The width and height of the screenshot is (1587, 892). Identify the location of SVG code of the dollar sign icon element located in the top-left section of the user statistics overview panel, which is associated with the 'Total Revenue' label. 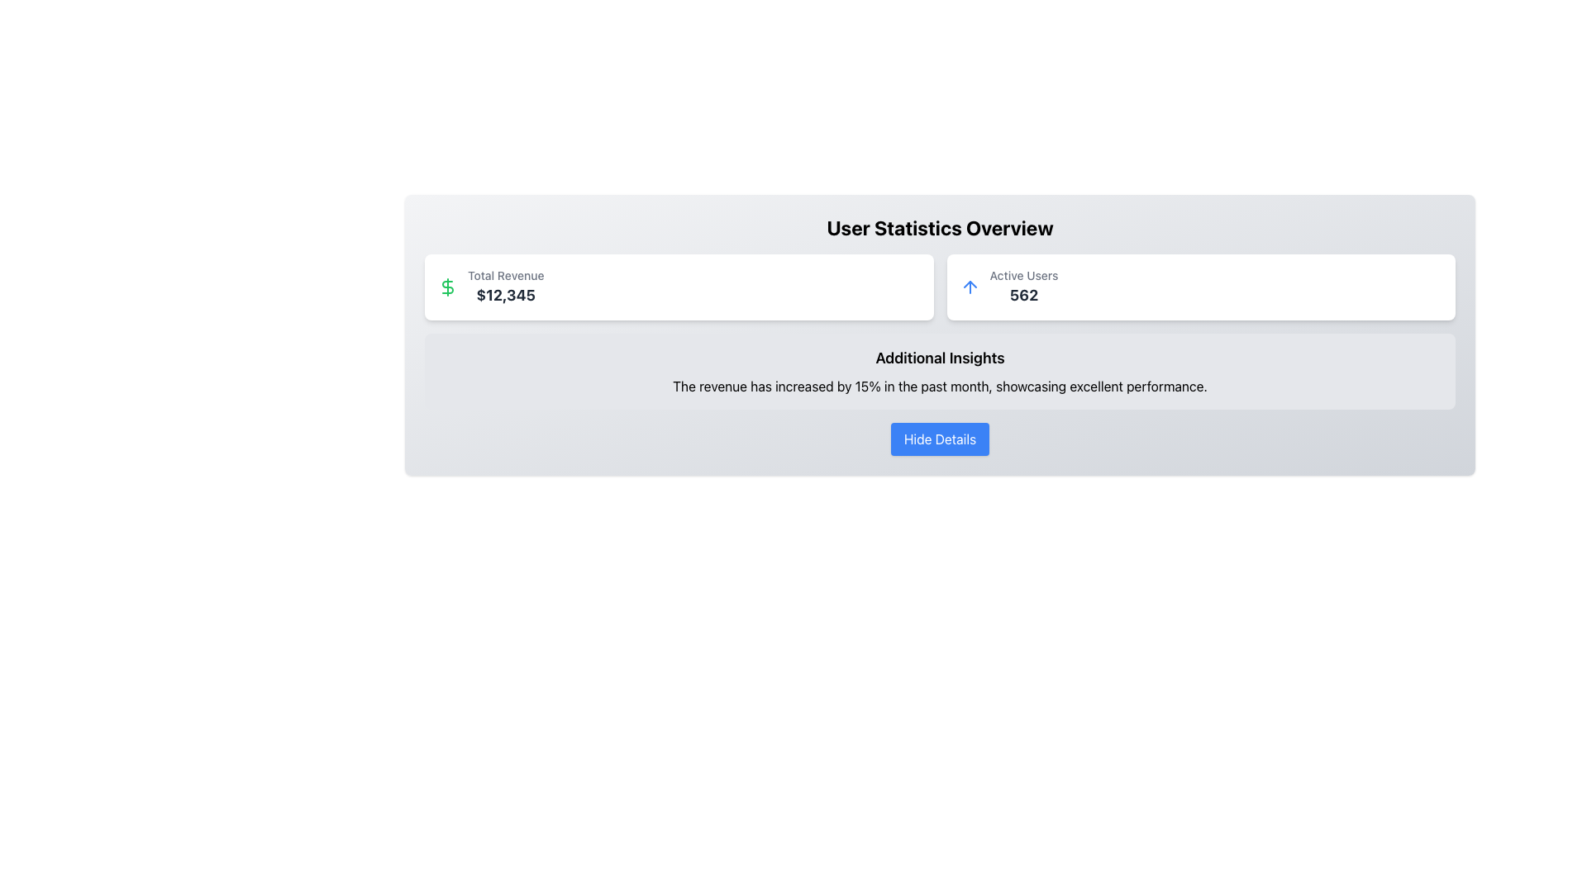
(448, 286).